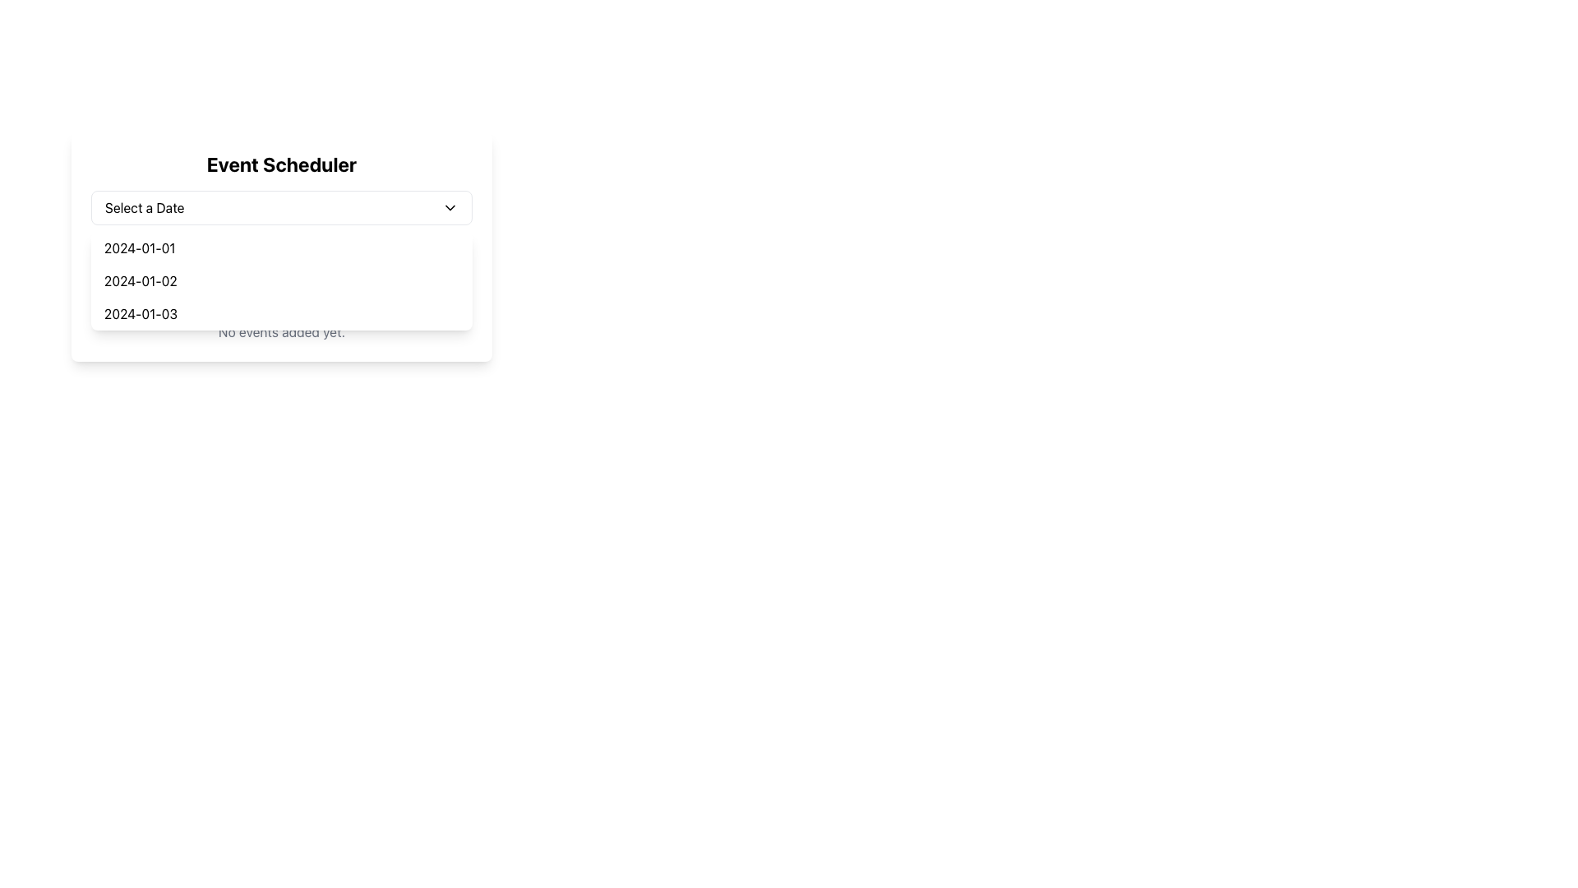 Image resolution: width=1578 pixels, height=888 pixels. Describe the element at coordinates (281, 332) in the screenshot. I see `static text displaying 'No events added yet.' located below the 'Scheduled Events' header` at that location.